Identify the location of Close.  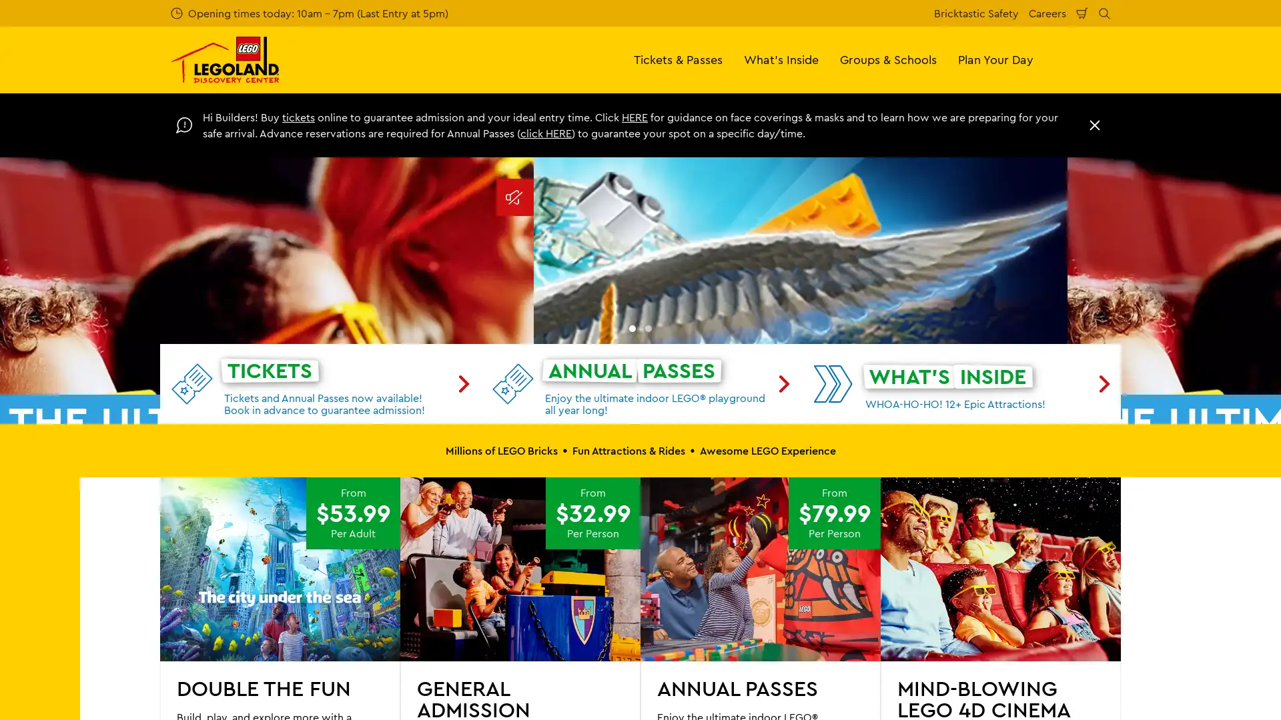
(1095, 125).